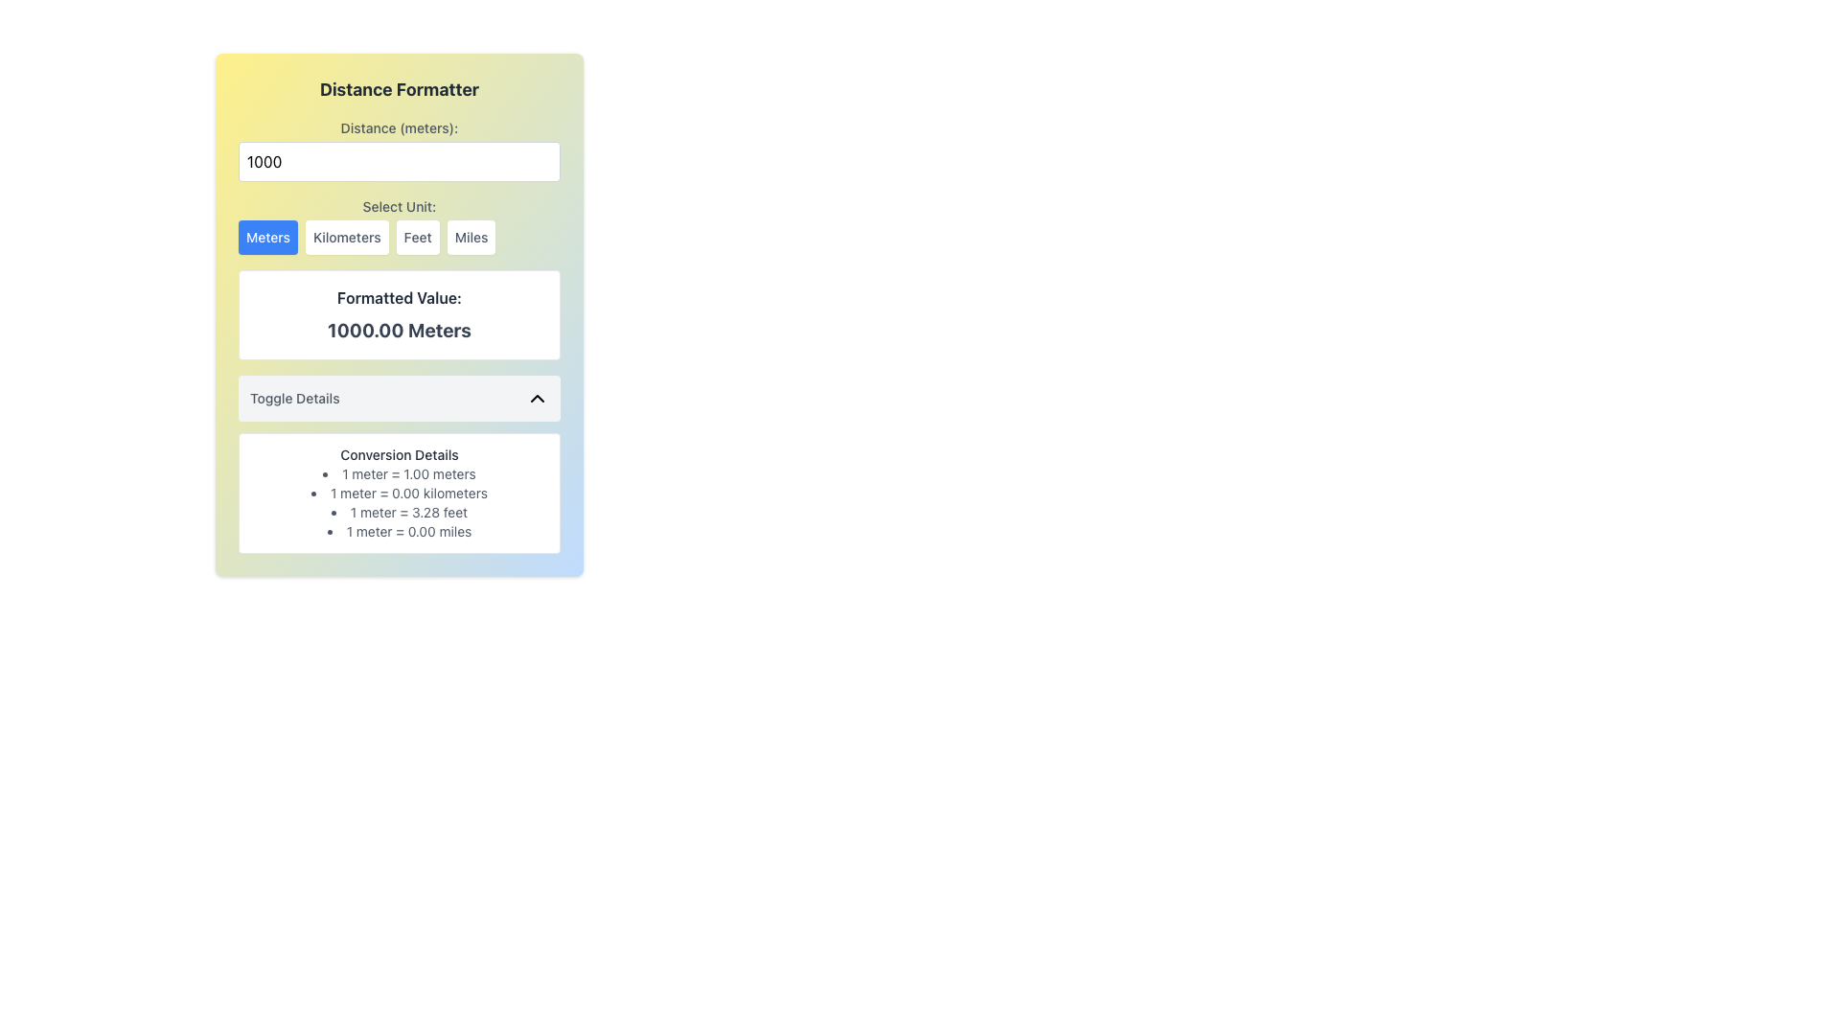 Image resolution: width=1840 pixels, height=1035 pixels. Describe the element at coordinates (399, 473) in the screenshot. I see `text element displaying the conversion ratio '1 meter = 1.00 meters', which is the first item in the 'Conversion Details' section, positioned above '1 meter = 0.00 kilometers'` at that location.